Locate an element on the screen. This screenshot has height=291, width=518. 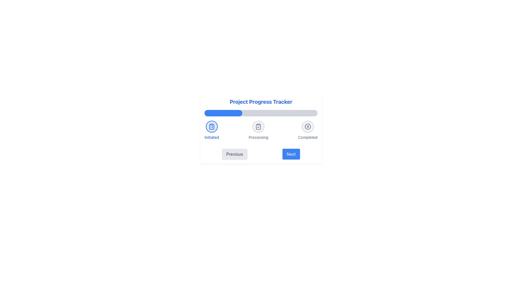
the 'Processing' label in the progress tracker, which is located centrally at the bottom of the middle step, directly below the clipboard icon is located at coordinates (258, 137).